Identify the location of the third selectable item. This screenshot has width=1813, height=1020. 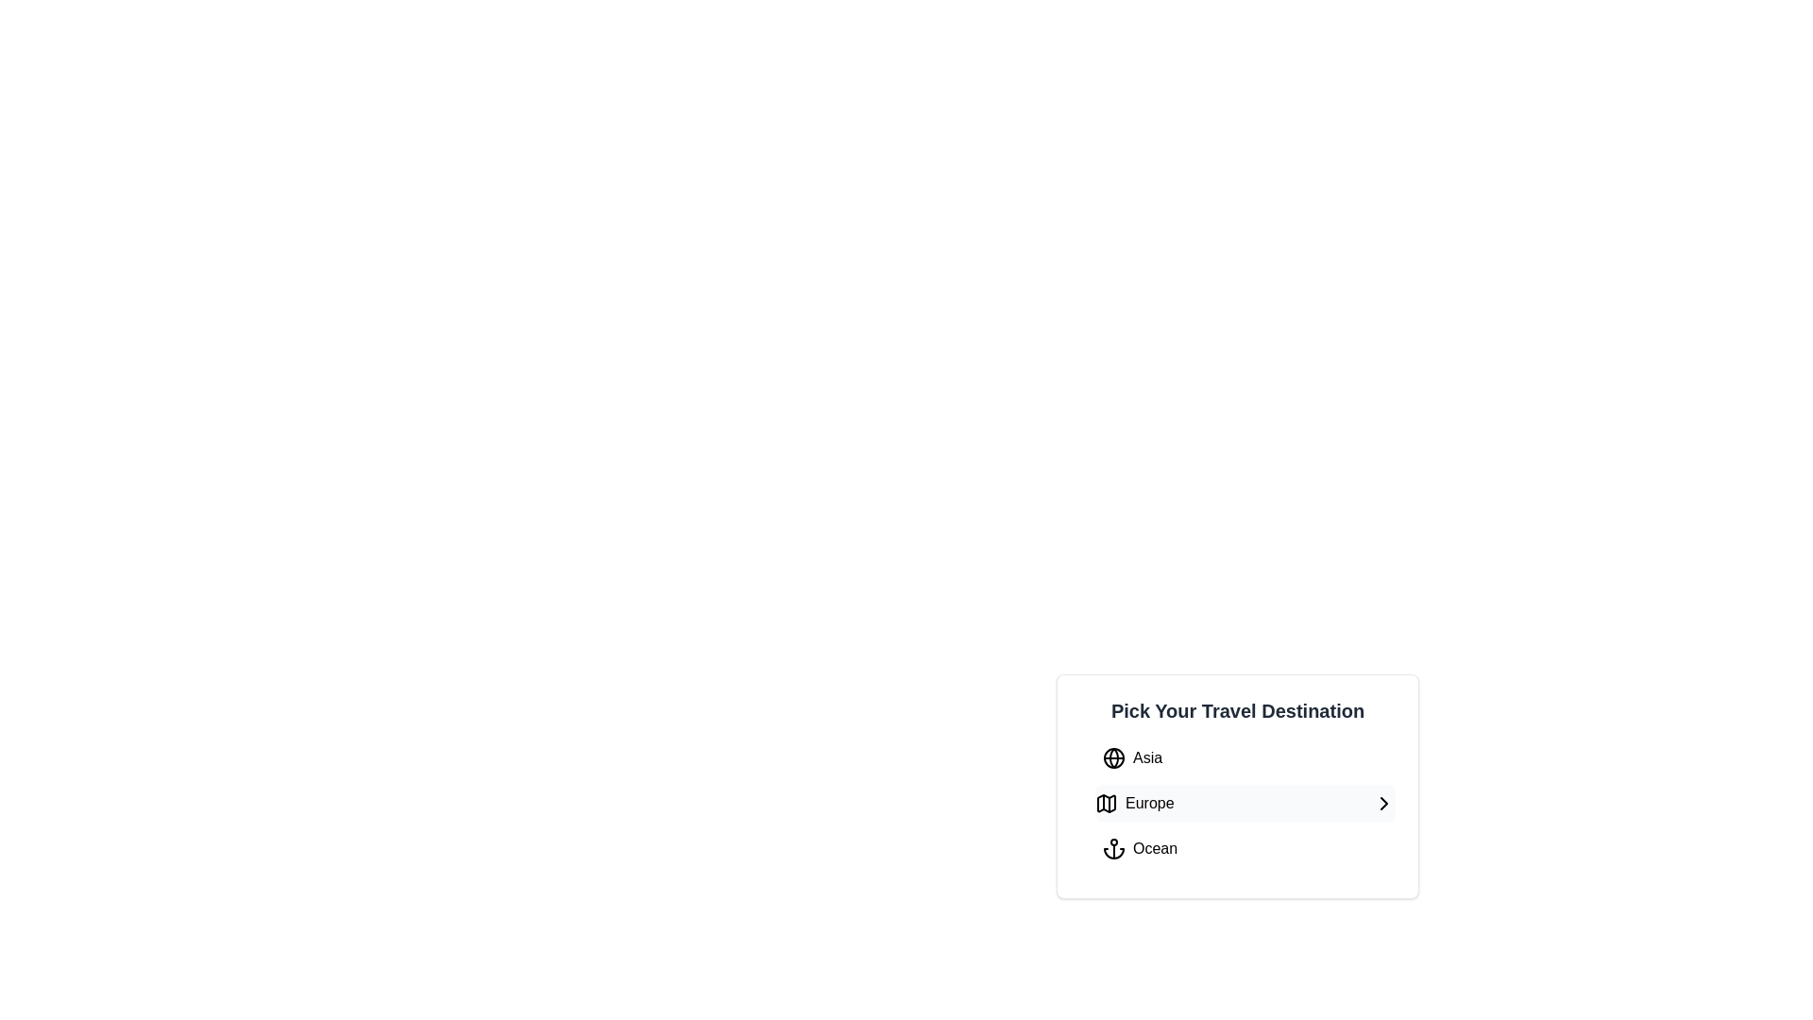
(1139, 847).